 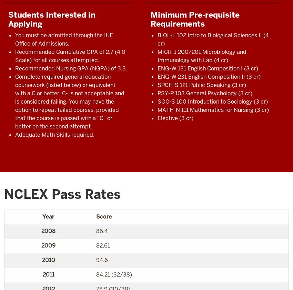 What do you see at coordinates (48, 245) in the screenshot?
I see `'2009'` at bounding box center [48, 245].